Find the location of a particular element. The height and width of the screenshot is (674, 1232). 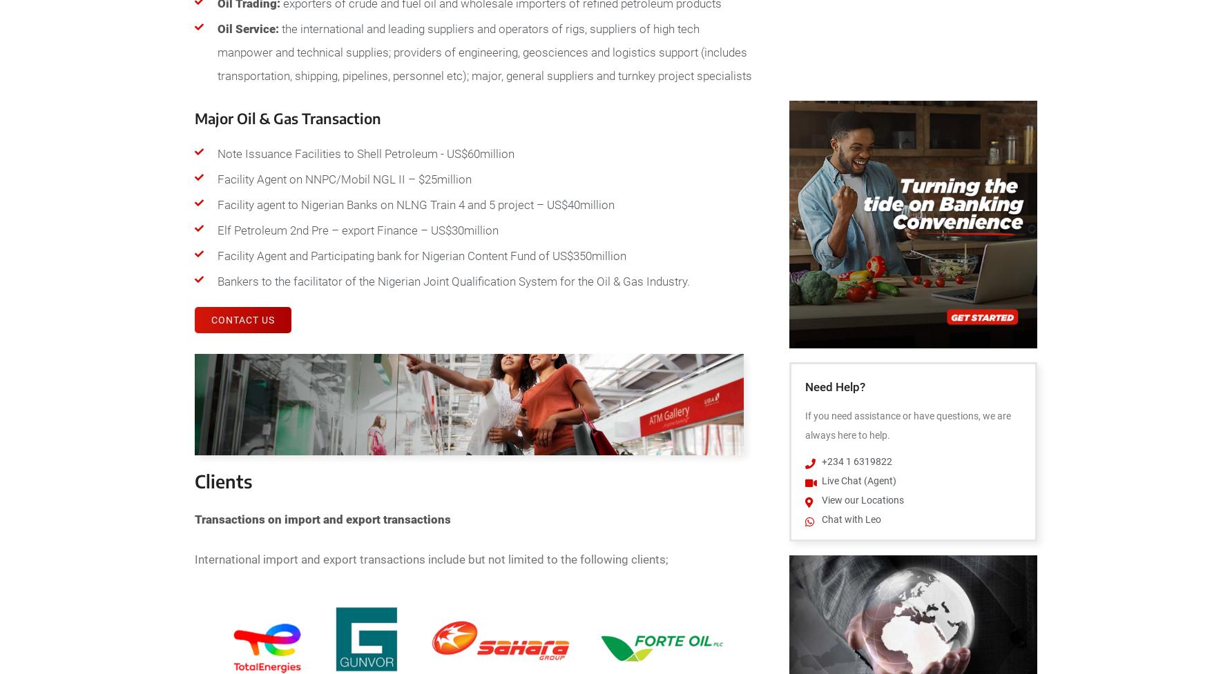

'If you need assistance or have questions, we are always here to help.' is located at coordinates (907, 424).